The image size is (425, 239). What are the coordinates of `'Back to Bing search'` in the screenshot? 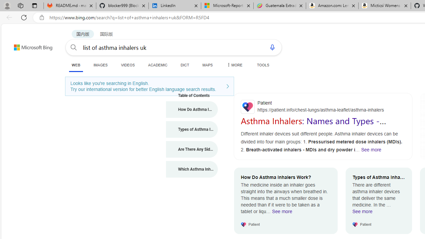 It's located at (29, 45).